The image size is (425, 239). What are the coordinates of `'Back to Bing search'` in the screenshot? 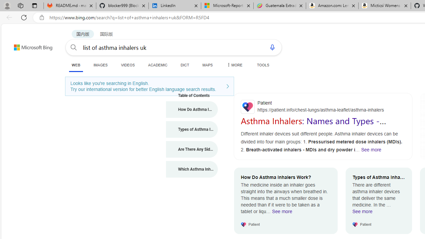 It's located at (29, 45).